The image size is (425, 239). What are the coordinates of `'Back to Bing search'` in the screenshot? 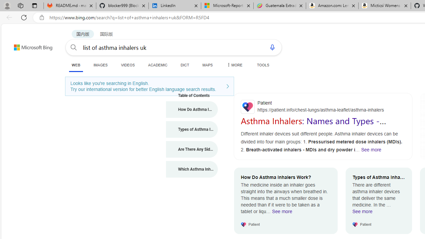 It's located at (29, 45).